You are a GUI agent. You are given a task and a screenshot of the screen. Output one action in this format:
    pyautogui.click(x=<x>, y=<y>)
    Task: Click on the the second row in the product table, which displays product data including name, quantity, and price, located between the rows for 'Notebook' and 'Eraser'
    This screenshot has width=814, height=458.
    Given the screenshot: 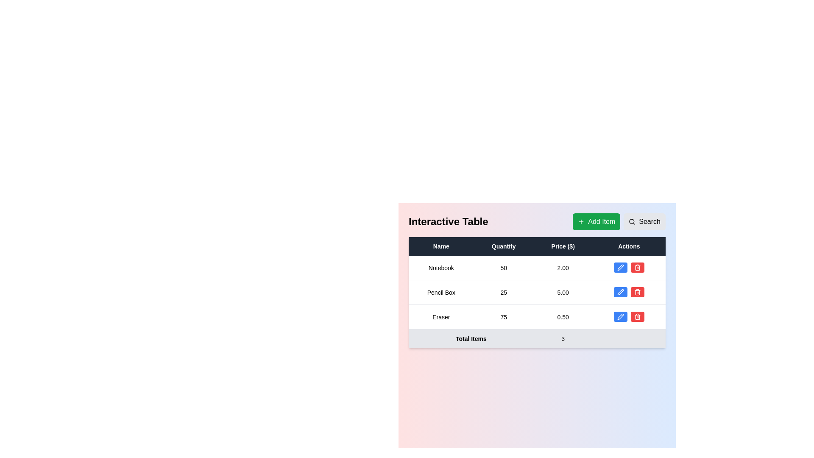 What is the action you would take?
    pyautogui.click(x=537, y=292)
    